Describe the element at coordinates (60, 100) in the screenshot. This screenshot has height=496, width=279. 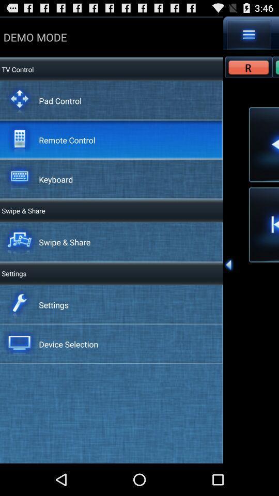
I see `item below the demo mode icon` at that location.